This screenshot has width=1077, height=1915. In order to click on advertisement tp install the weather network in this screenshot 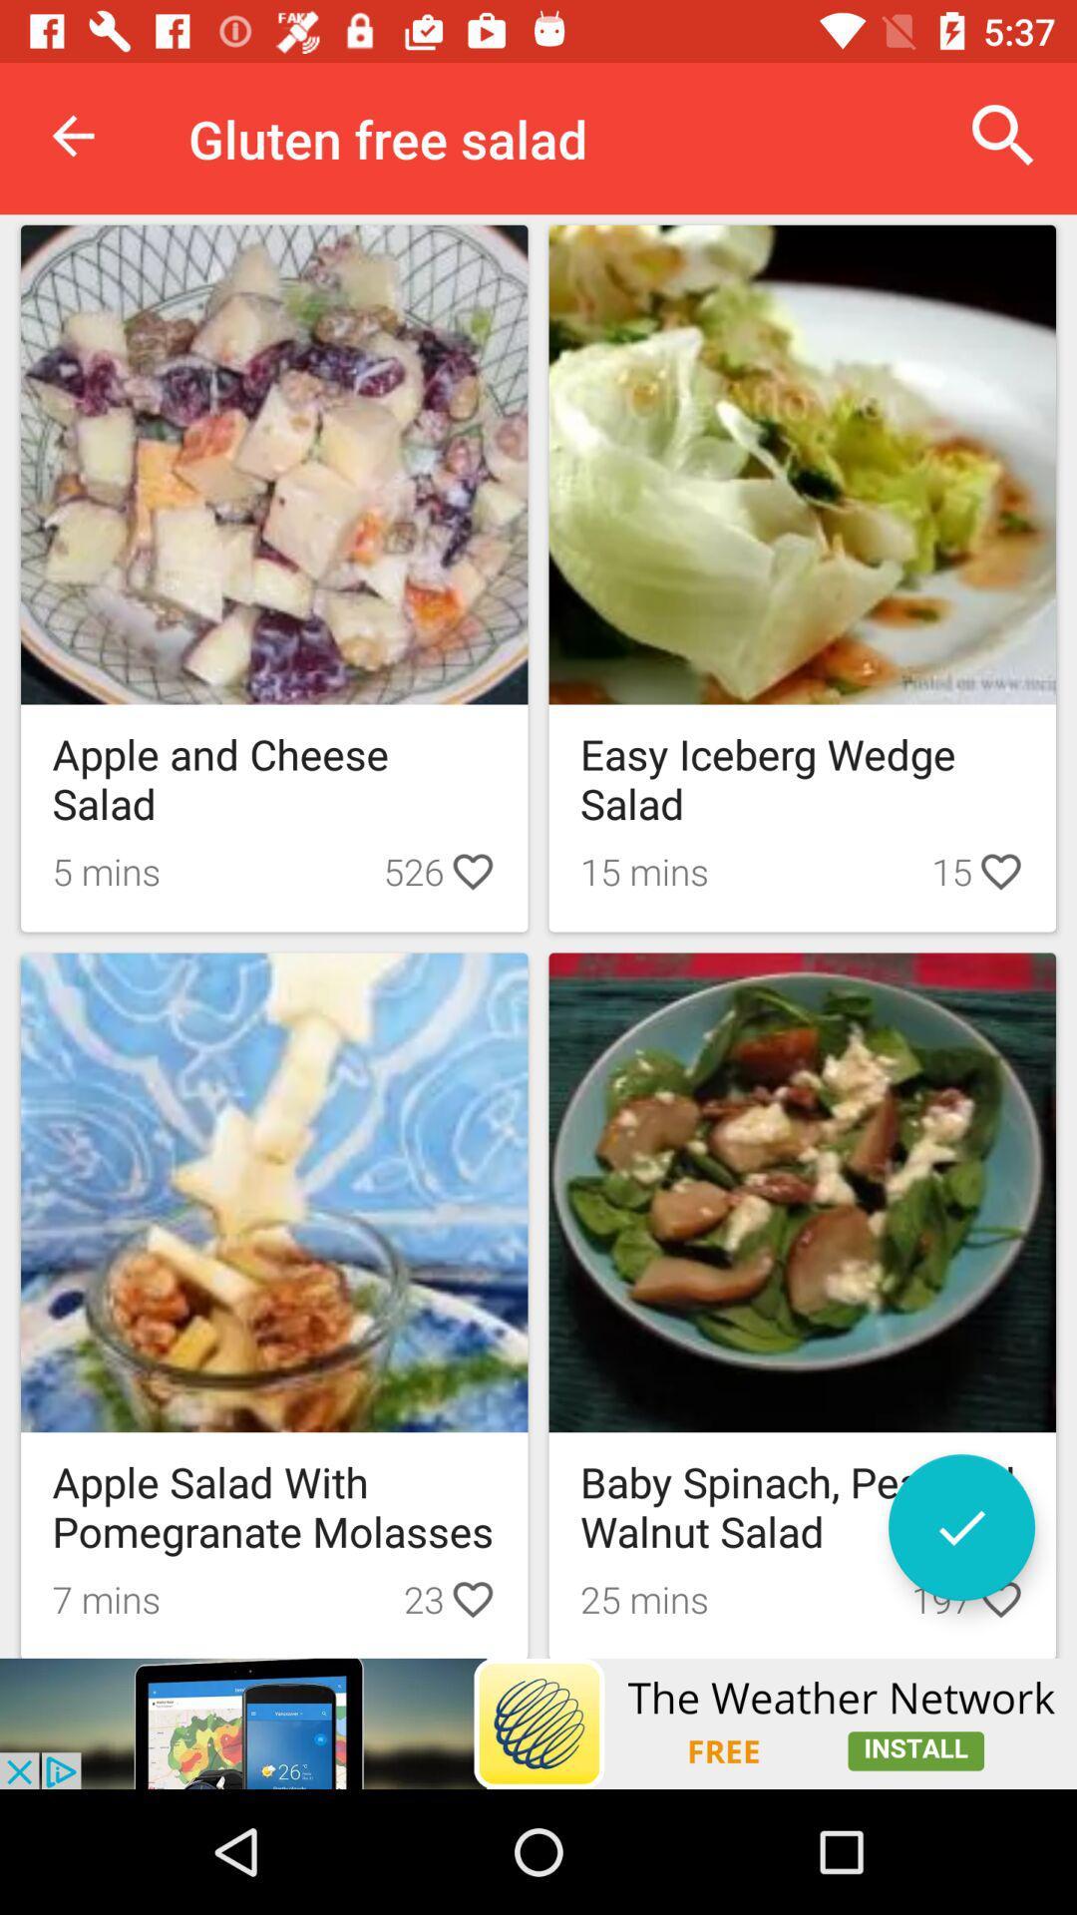, I will do `click(538, 1723)`.